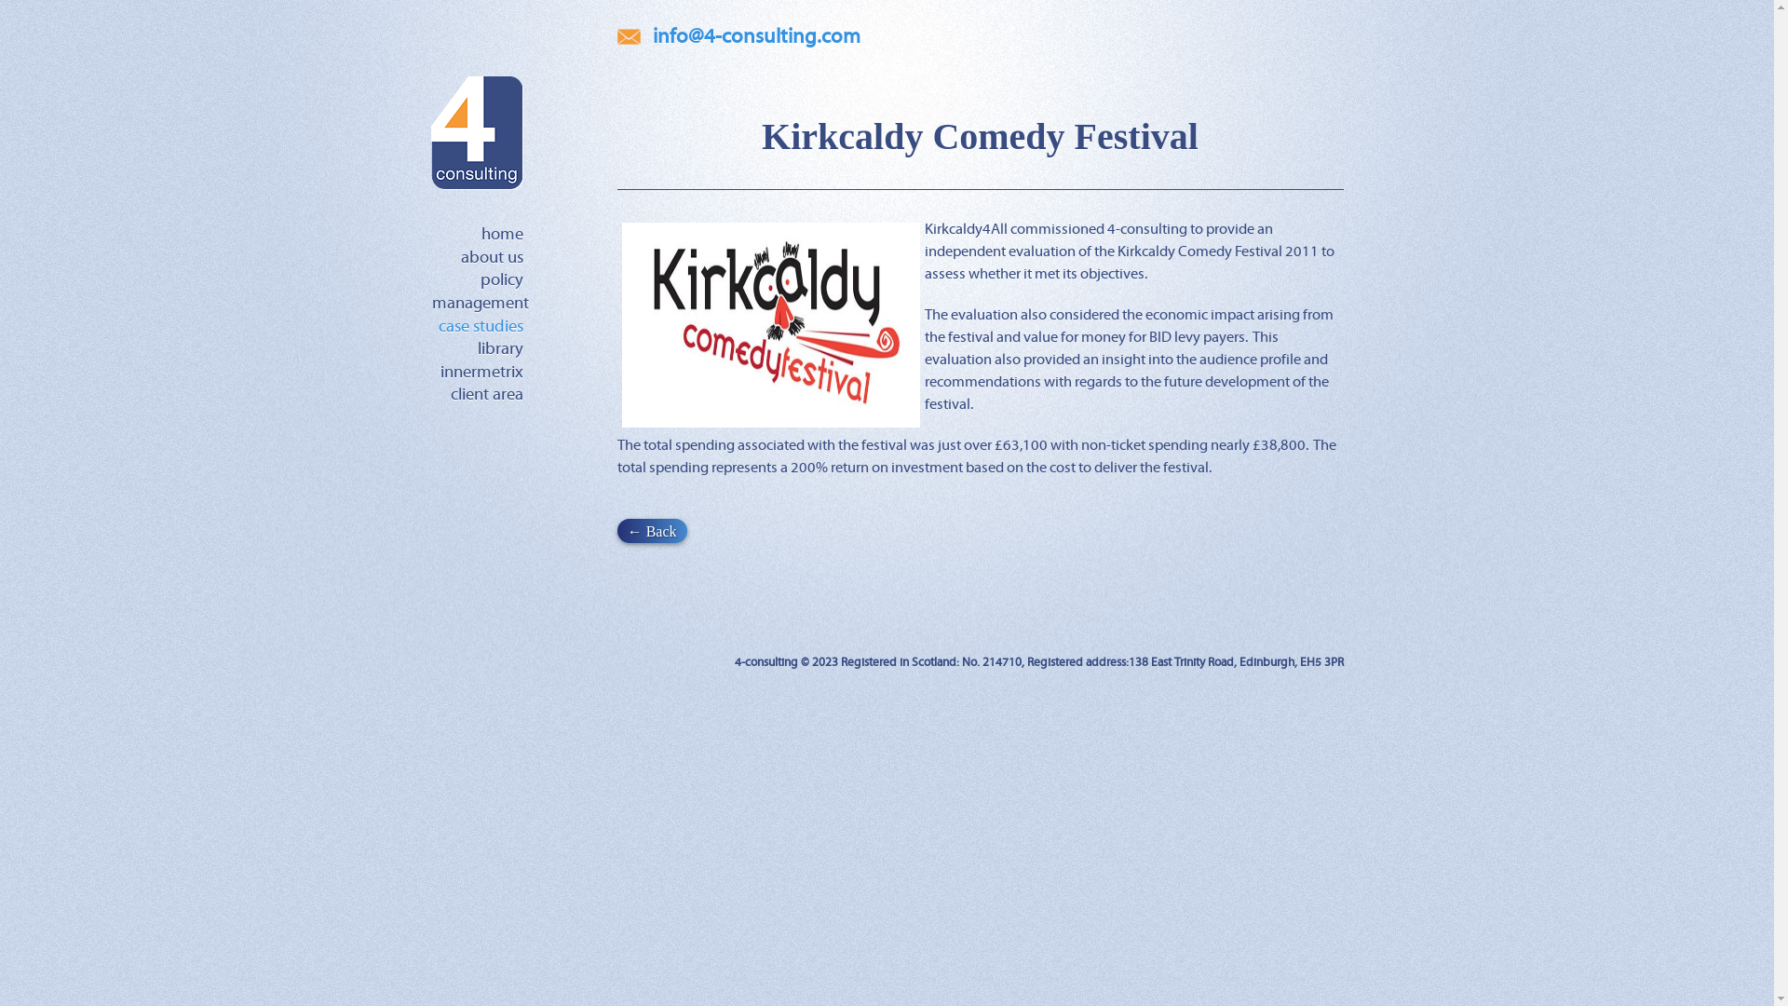  Describe the element at coordinates (480, 303) in the screenshot. I see `'management'` at that location.